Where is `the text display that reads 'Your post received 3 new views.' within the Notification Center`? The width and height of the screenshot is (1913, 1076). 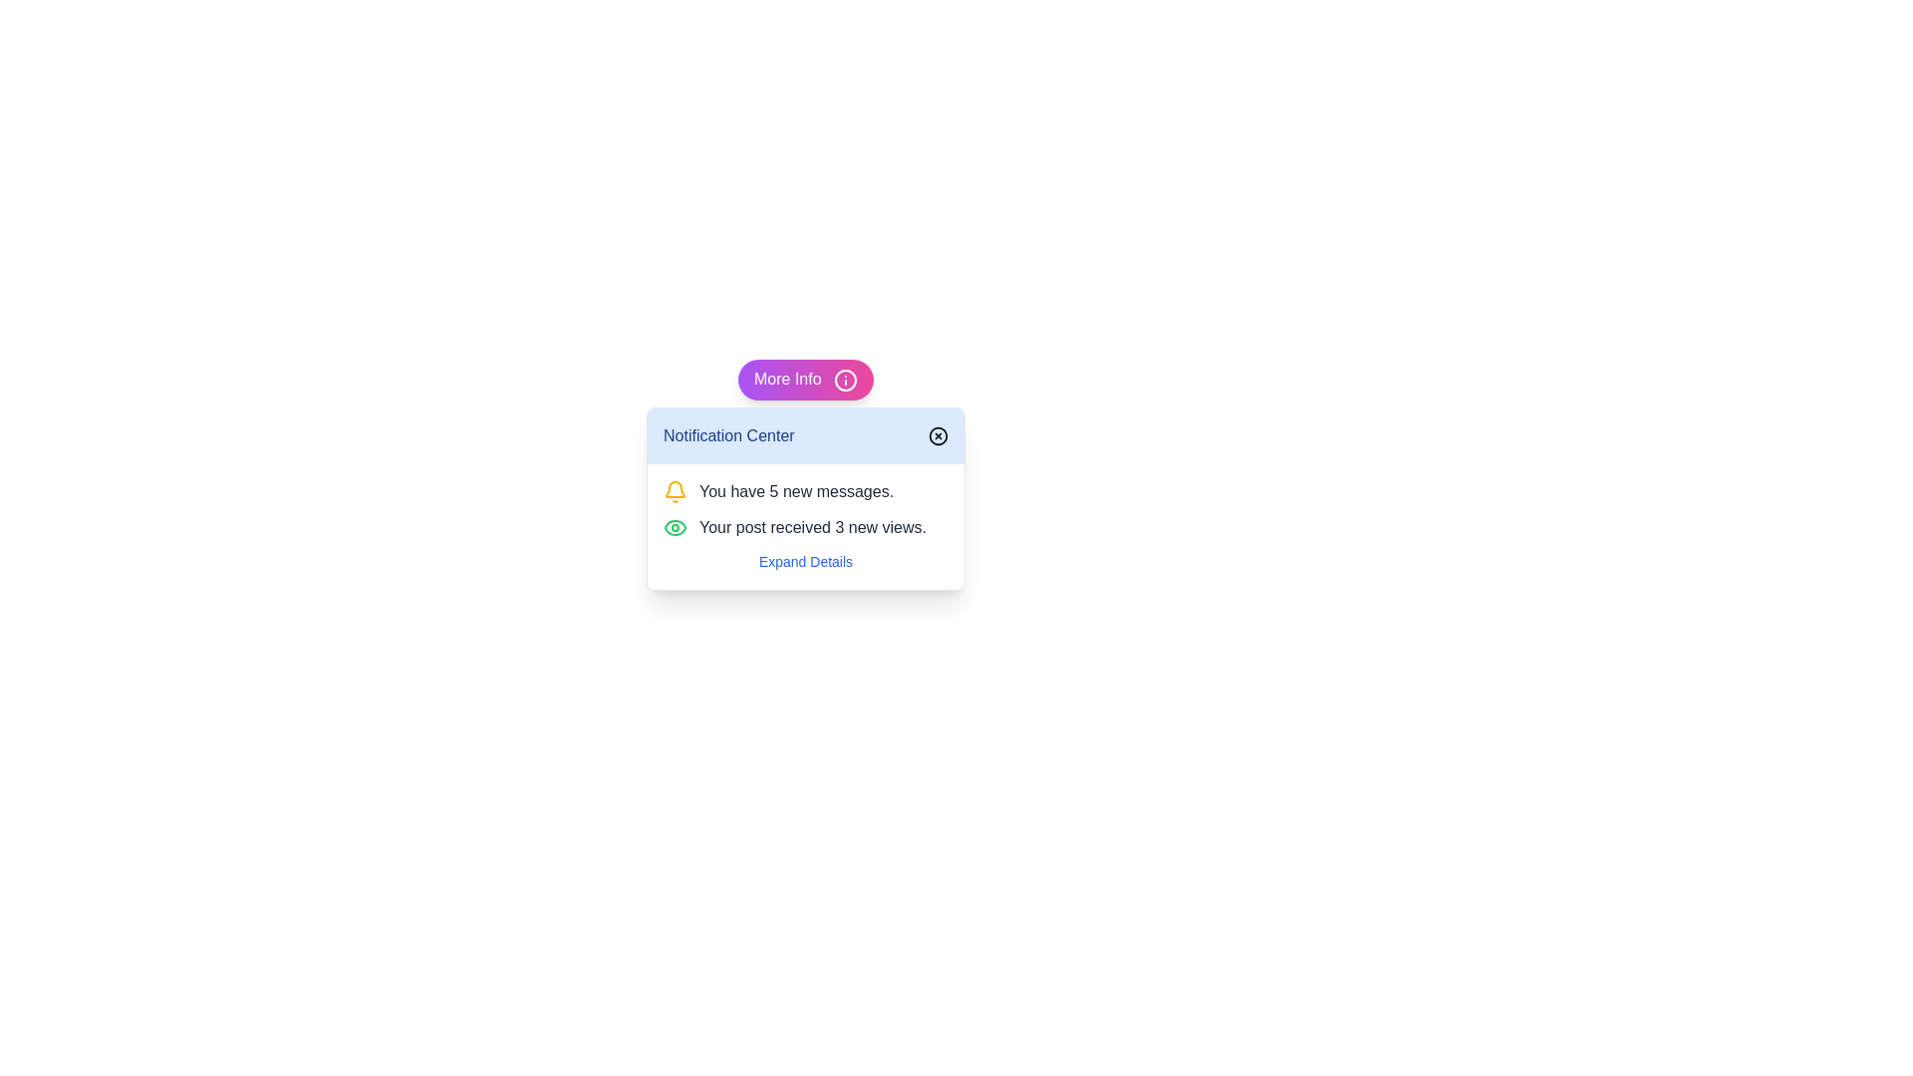
the text display that reads 'Your post received 3 new views.' within the Notification Center is located at coordinates (813, 526).